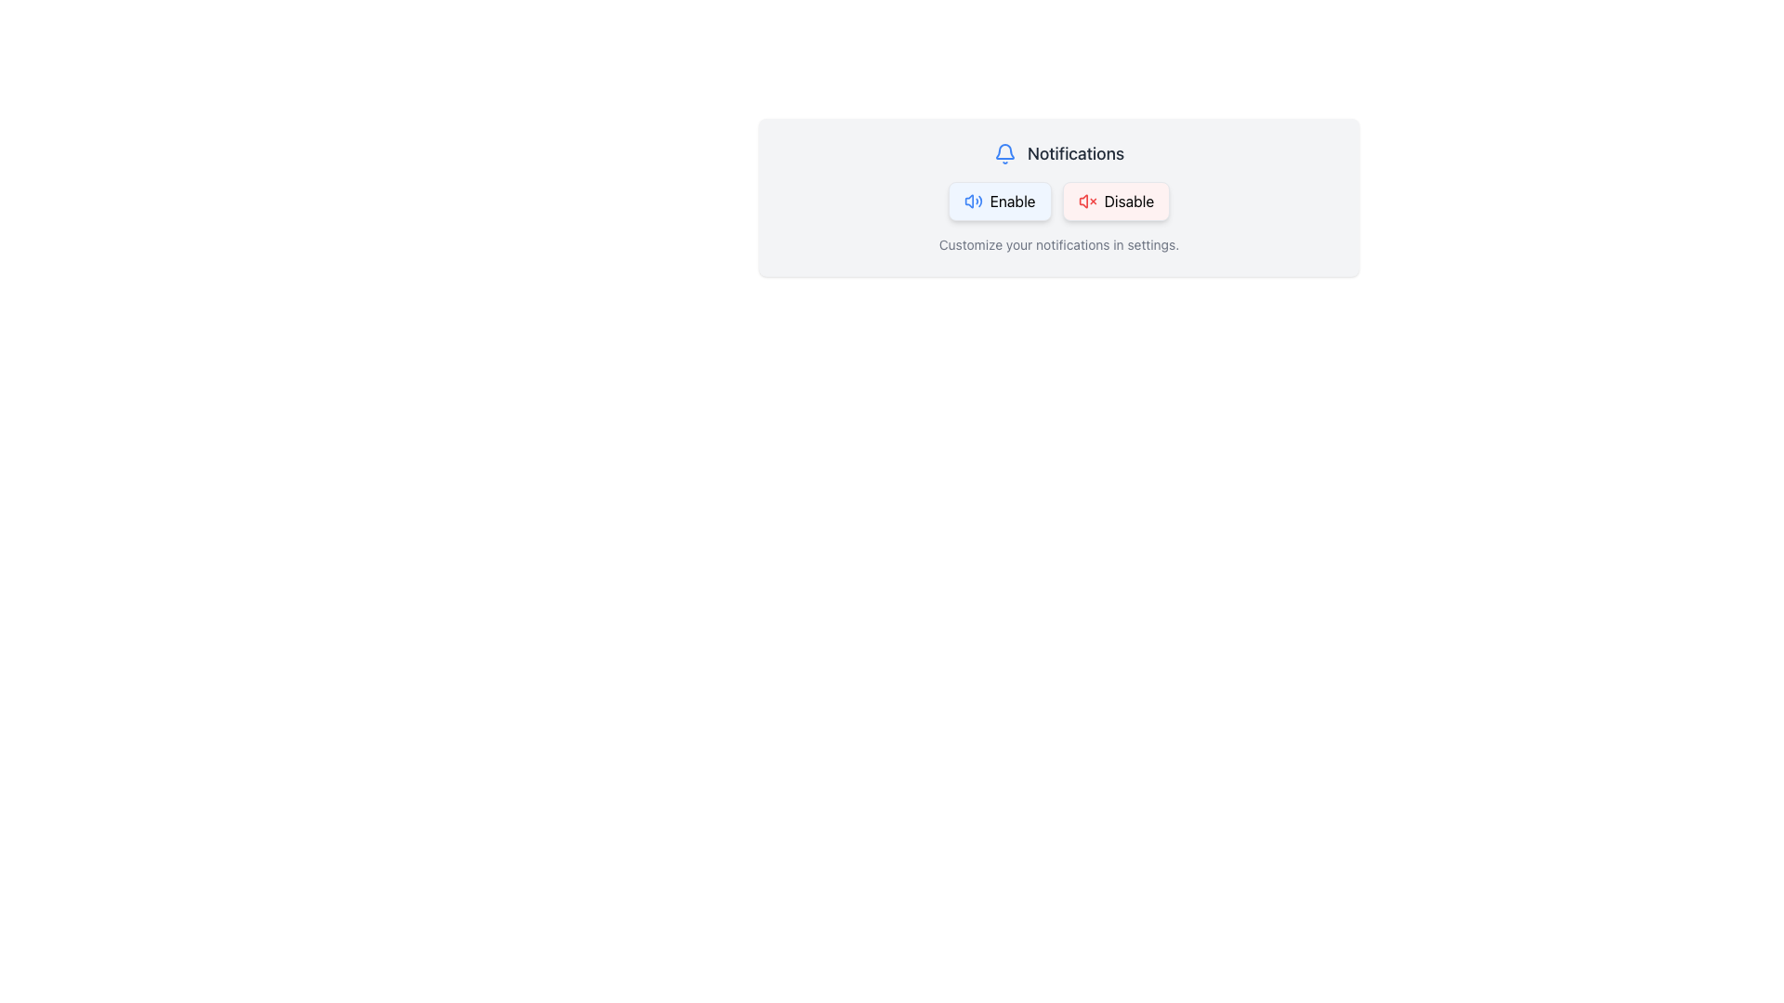  I want to click on the label text reading 'Enable' which is styled with a standard sans-serif typeface and located within a light blue background button in the Notifications section, so click(1012, 201).